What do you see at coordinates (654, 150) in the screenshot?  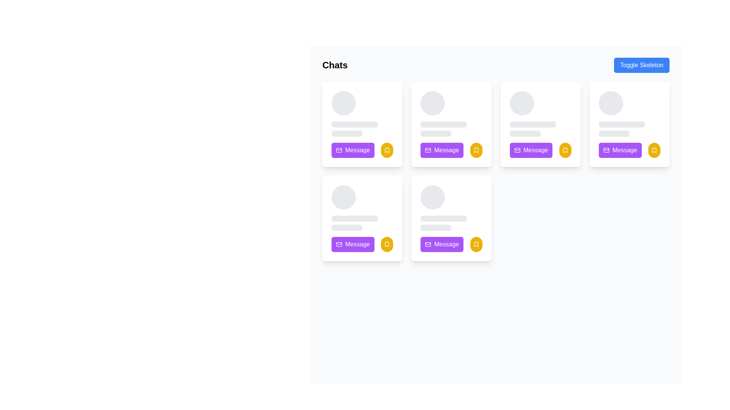 I see `the rounded yellow button with a bookmark icon, located in the last column of the top row of the grid layout` at bounding box center [654, 150].